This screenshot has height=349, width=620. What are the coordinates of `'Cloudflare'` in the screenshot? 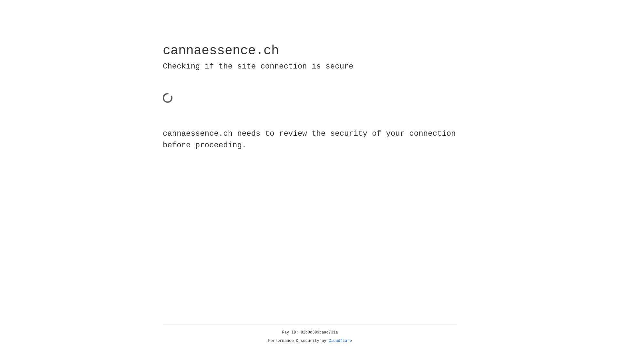 It's located at (340, 341).